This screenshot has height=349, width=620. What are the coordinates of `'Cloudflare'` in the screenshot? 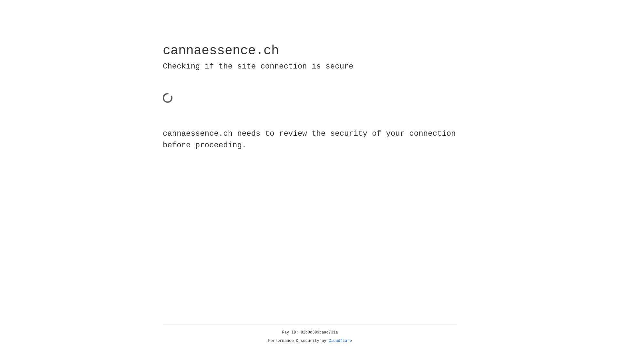 It's located at (340, 341).